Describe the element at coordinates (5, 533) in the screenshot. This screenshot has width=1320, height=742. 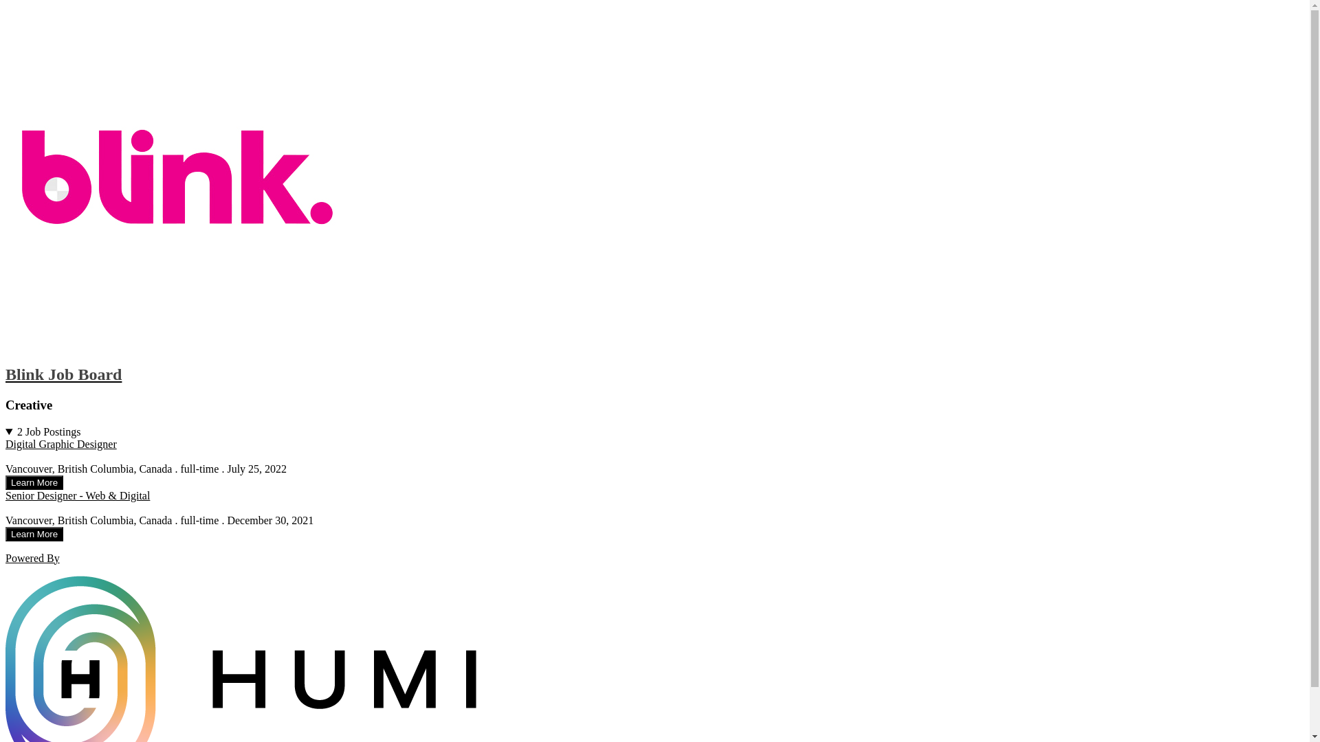
I see `'Learn More'` at that location.